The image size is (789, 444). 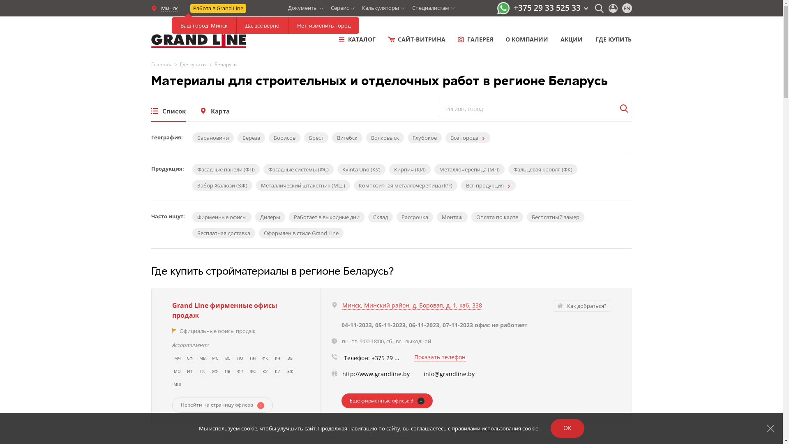 I want to click on 'EN', so click(x=627, y=8).